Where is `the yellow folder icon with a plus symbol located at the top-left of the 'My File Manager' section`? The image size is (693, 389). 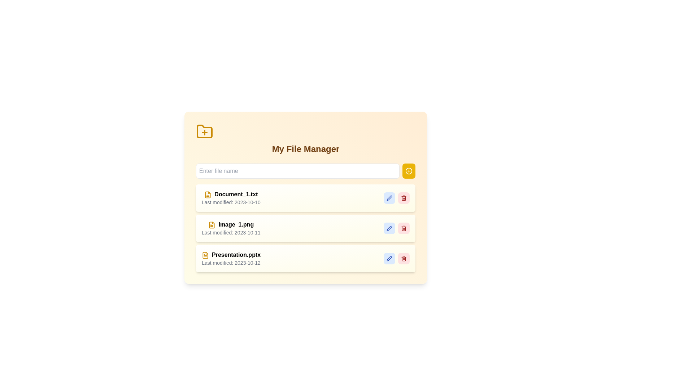 the yellow folder icon with a plus symbol located at the top-left of the 'My File Manager' section is located at coordinates (204, 132).